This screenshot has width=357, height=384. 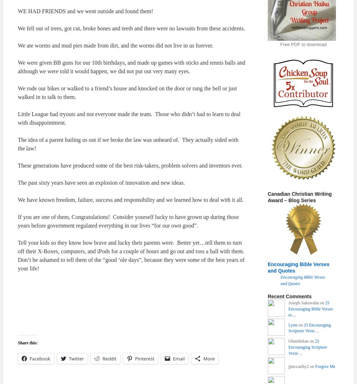 What do you see at coordinates (76, 358) in the screenshot?
I see `'Twitter'` at bounding box center [76, 358].